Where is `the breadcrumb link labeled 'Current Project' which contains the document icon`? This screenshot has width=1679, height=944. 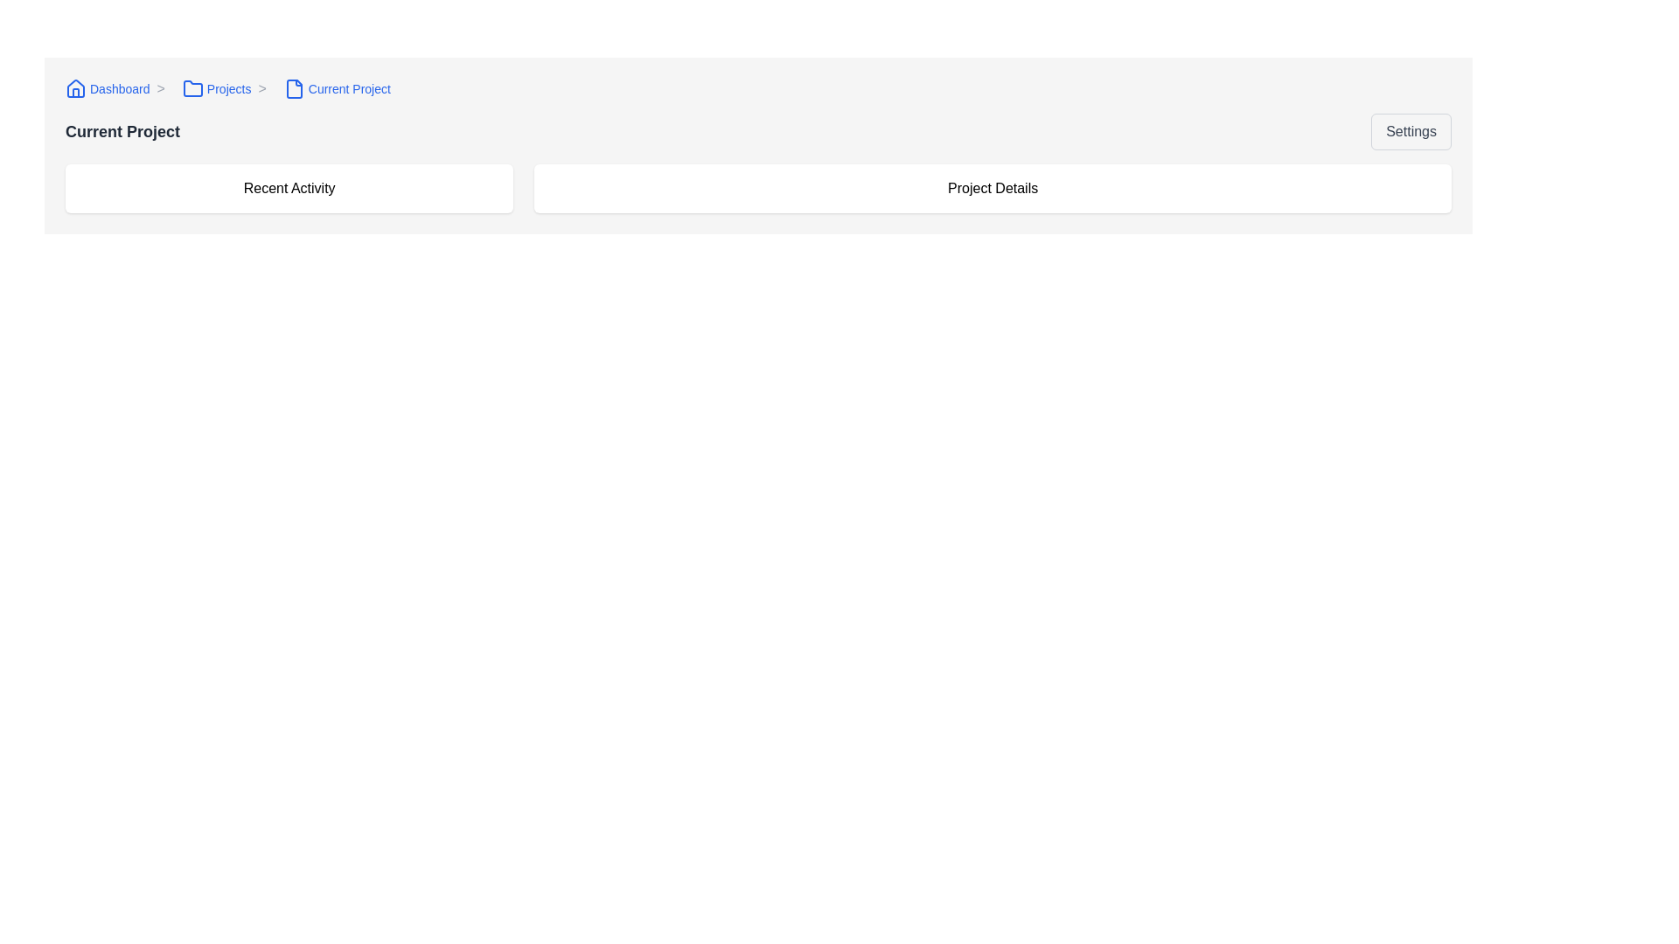
the breadcrumb link labeled 'Current Project' which contains the document icon is located at coordinates (294, 88).